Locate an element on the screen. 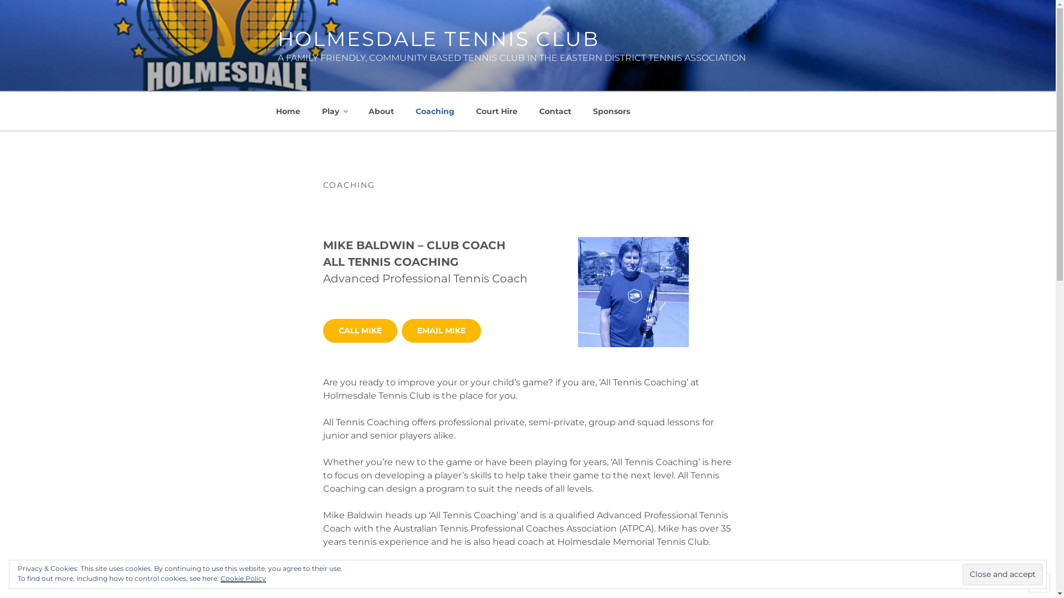 This screenshot has height=598, width=1064. 'EMAIL MIKE' is located at coordinates (440, 330).